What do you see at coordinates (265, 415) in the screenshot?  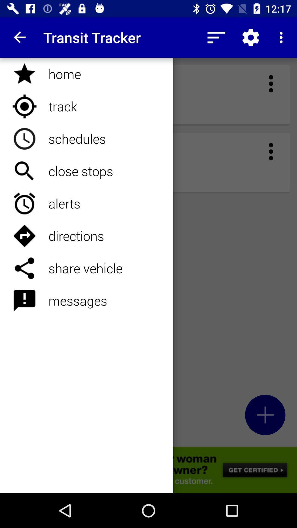 I see `the add icon` at bounding box center [265, 415].